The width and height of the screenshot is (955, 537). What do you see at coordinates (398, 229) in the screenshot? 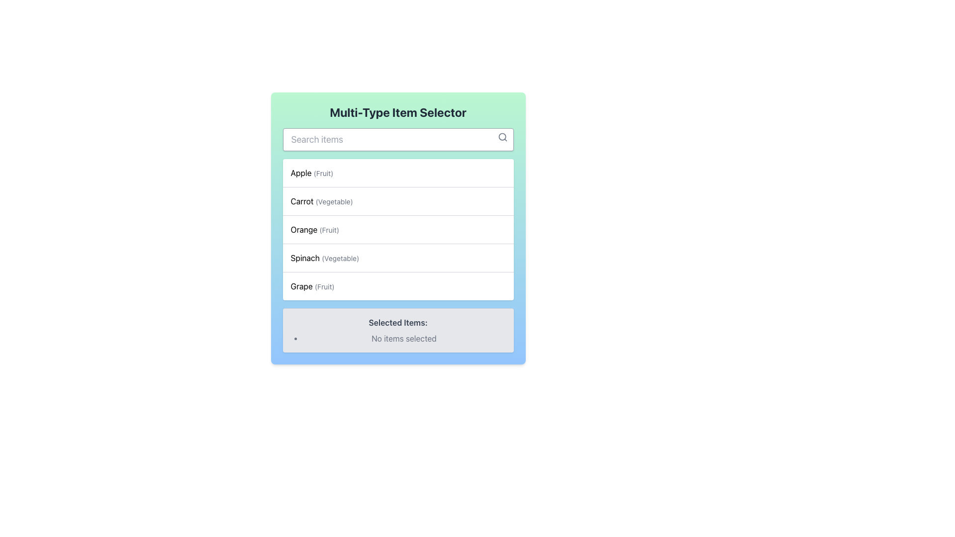
I see `the 'Orange (Fruit)' button, which is the third item in the selectable list under 'Multi-Type Item Selector', located between 'Carrot (Vegetable)' and 'Spinach (Vegetable).'` at bounding box center [398, 229].